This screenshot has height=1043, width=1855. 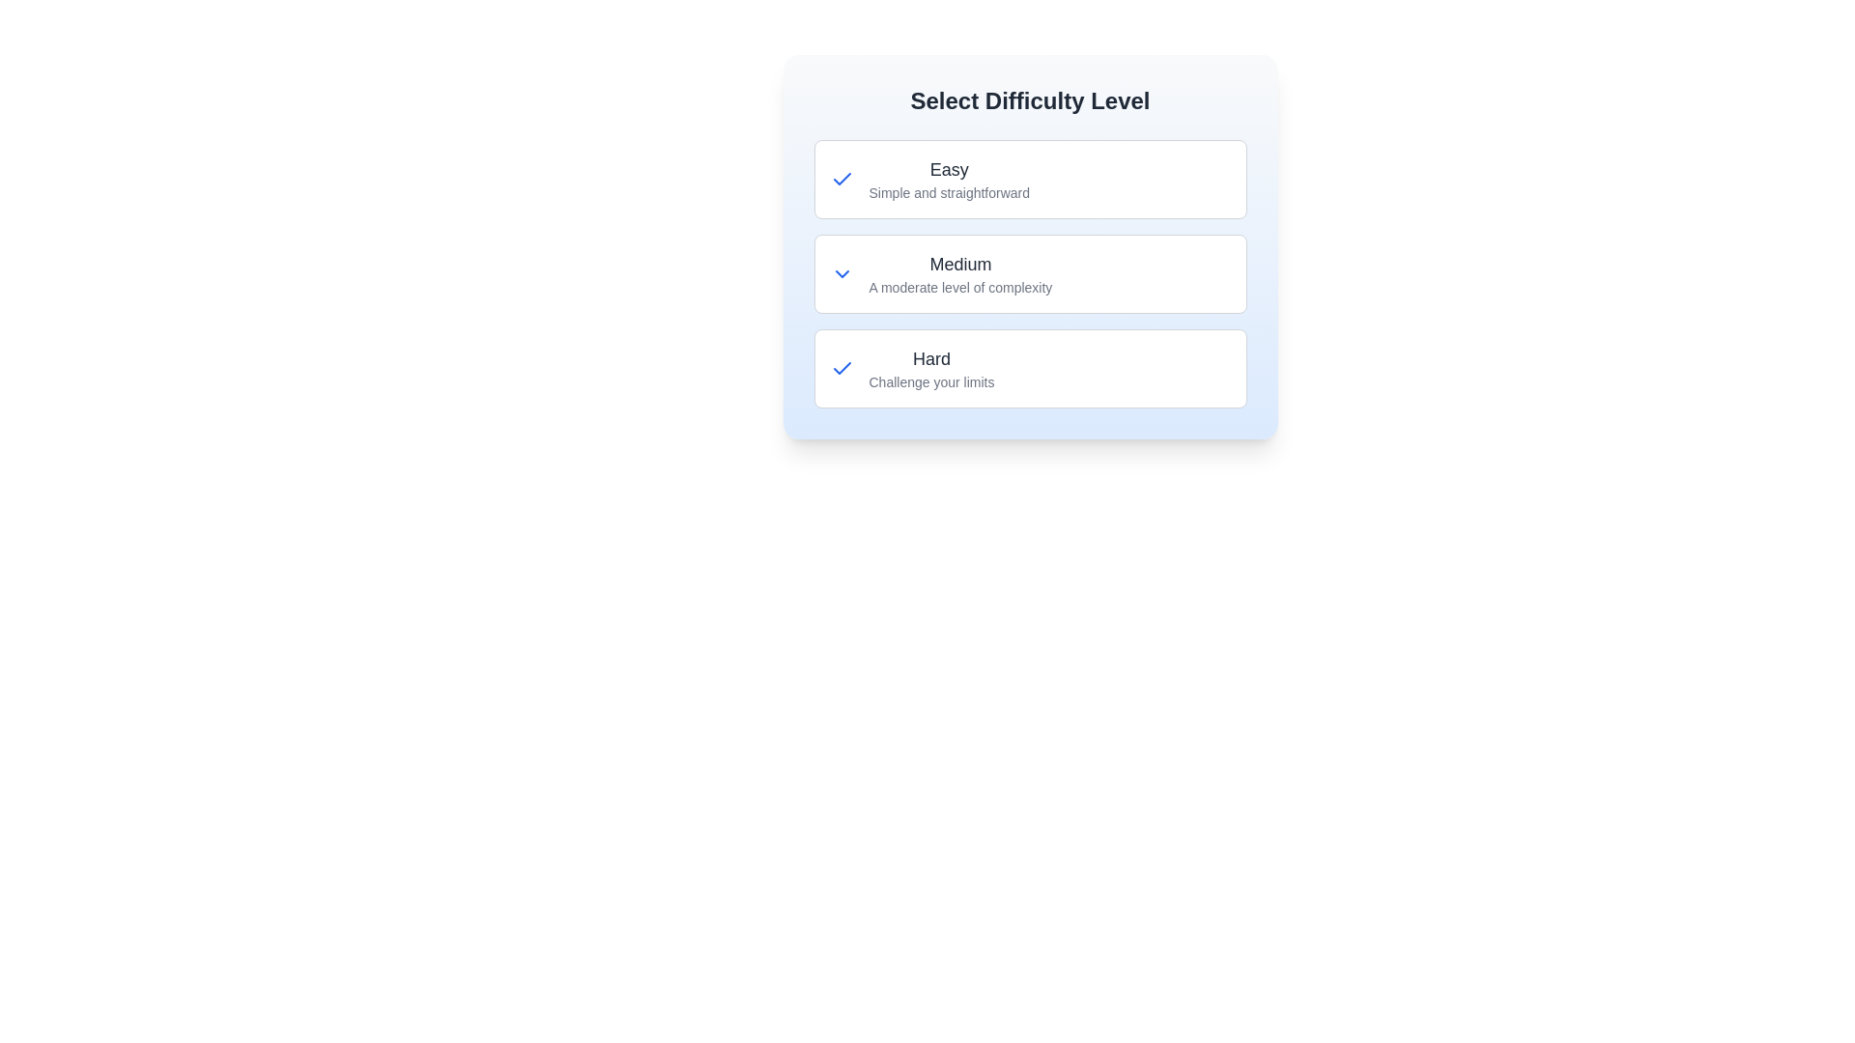 I want to click on the text label displaying 'A moderate level of complexity', which is positioned below the 'Medium' title in the selection list, so click(x=960, y=287).